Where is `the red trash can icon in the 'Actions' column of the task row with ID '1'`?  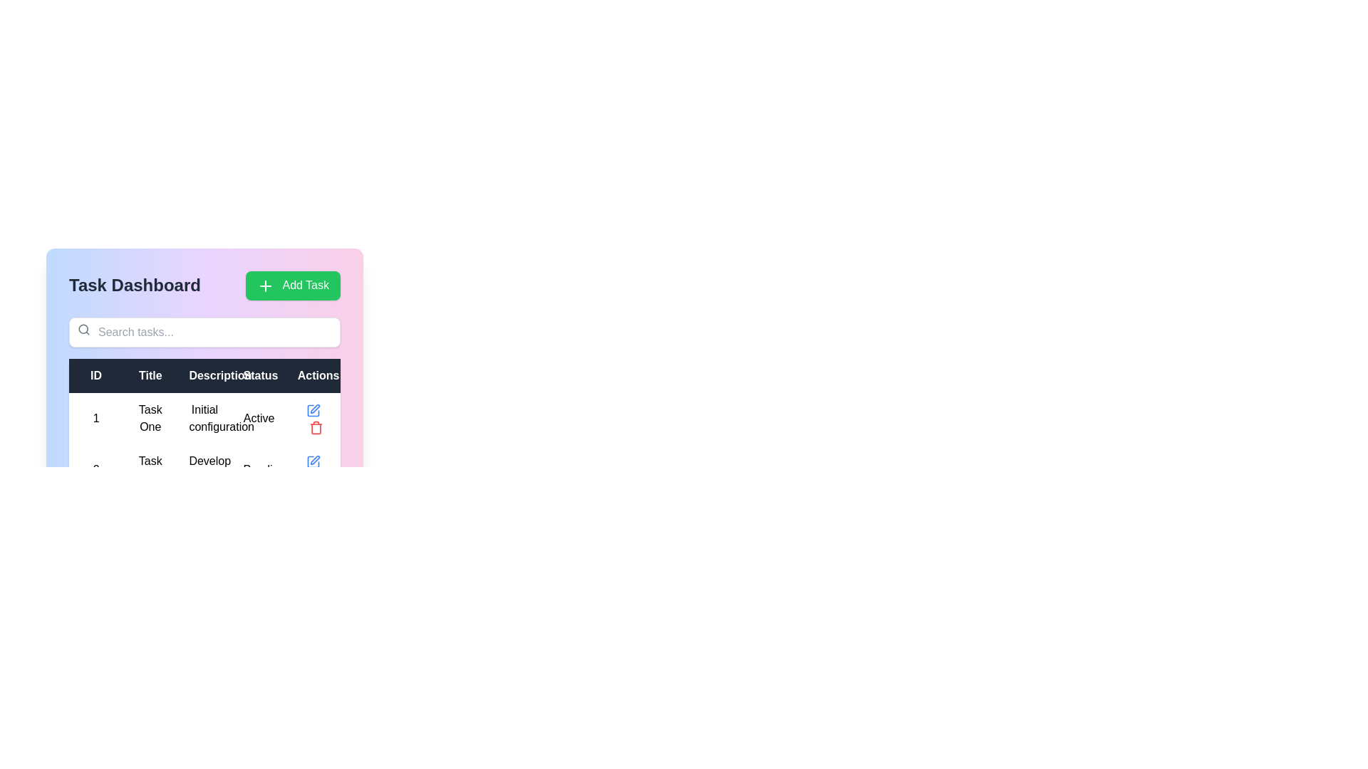
the red trash can icon in the 'Actions' column of the task row with ID '1' is located at coordinates (315, 426).